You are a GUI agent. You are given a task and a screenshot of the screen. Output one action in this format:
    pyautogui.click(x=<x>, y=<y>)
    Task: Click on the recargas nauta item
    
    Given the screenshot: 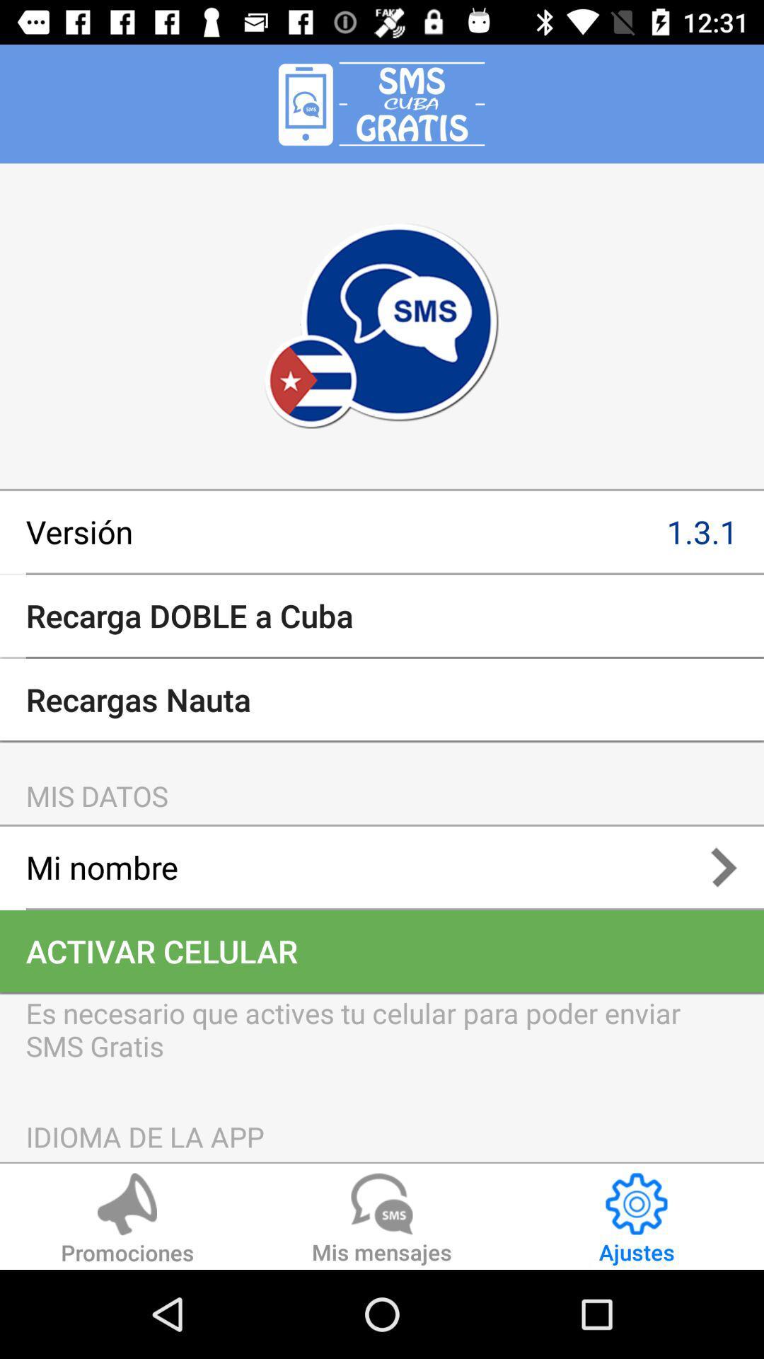 What is the action you would take?
    pyautogui.click(x=382, y=699)
    